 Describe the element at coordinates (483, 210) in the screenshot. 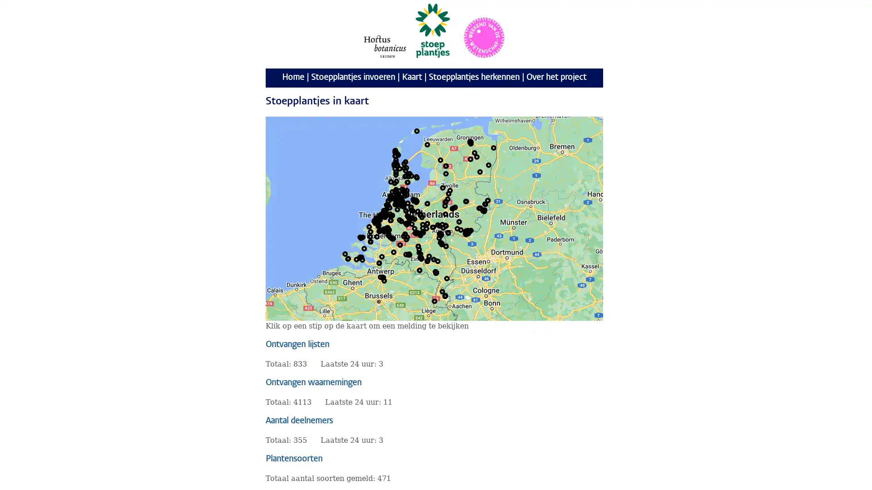

I see `Telling van Marcel Meijer Hof op 20 januari 2022` at that location.